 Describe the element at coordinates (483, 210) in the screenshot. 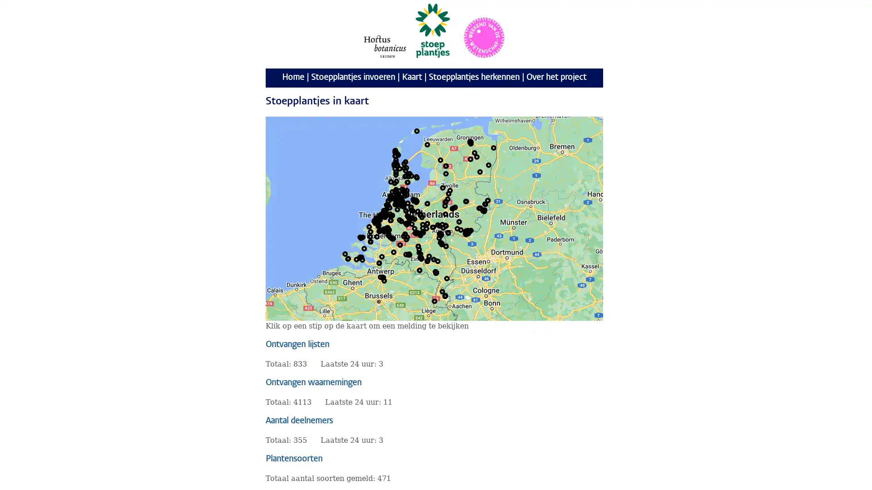

I see `Telling van Marcel Meijer Hof op 20 januari 2022` at that location.